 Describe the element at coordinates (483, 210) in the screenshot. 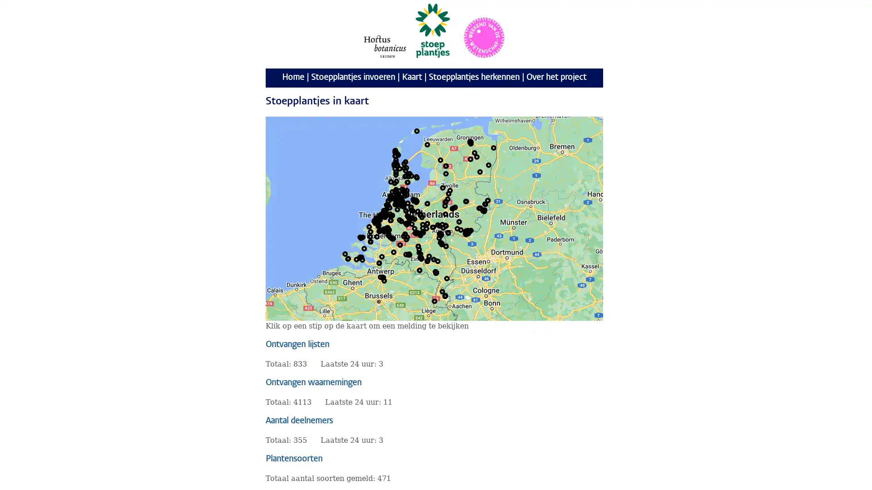

I see `Telling van Marcel Meijer Hof op 20 januari 2022` at that location.